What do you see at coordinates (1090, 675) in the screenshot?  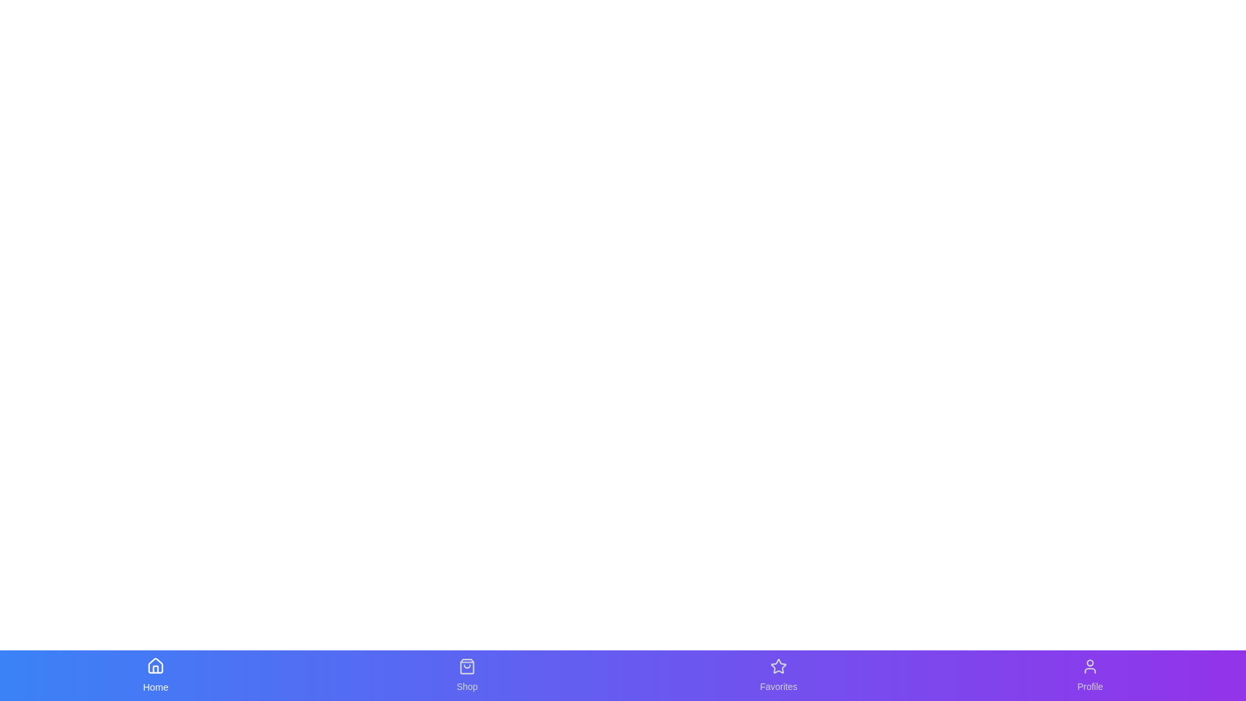 I see `the tab labeled Profile to navigate to its associated page` at bounding box center [1090, 675].